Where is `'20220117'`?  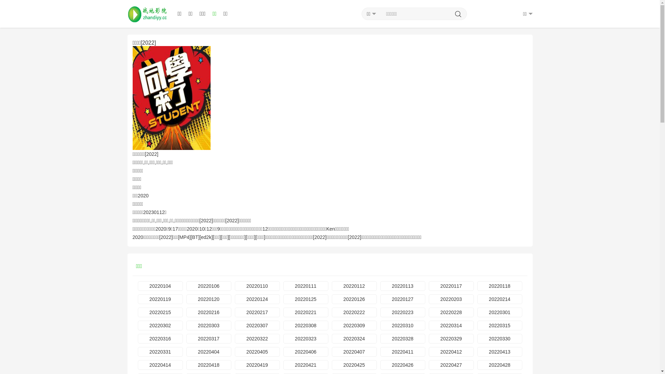
'20220117' is located at coordinates (451, 286).